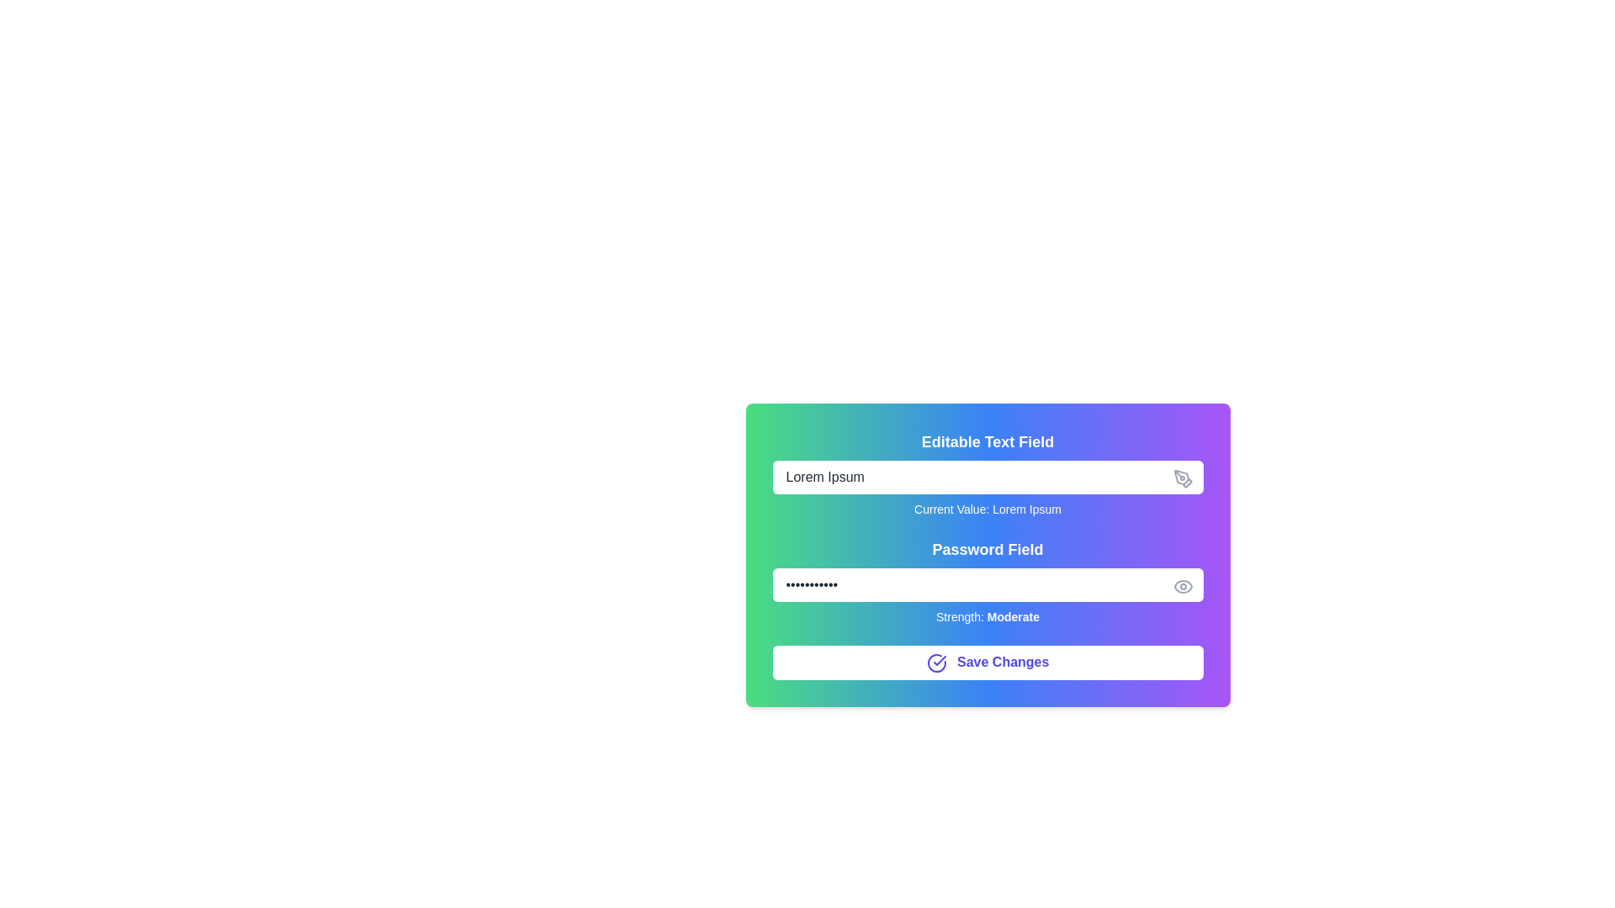  Describe the element at coordinates (1182, 479) in the screenshot. I see `the edit icon button located at the upper right of the editable text field with the placeholder 'Lorem Ipsum' to initiate edit mode` at that location.